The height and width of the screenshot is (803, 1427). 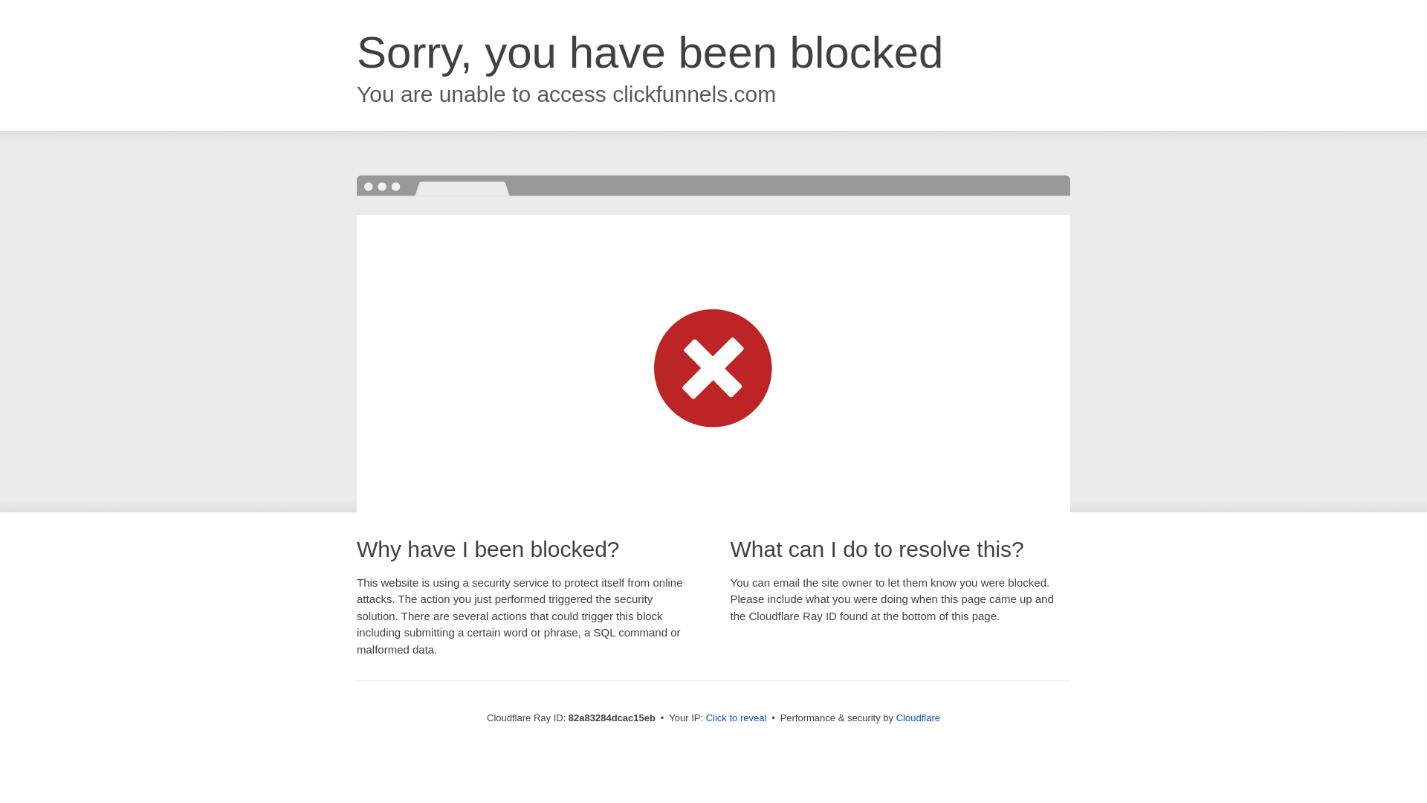 I want to click on 'Cloudflare', so click(x=895, y=717).